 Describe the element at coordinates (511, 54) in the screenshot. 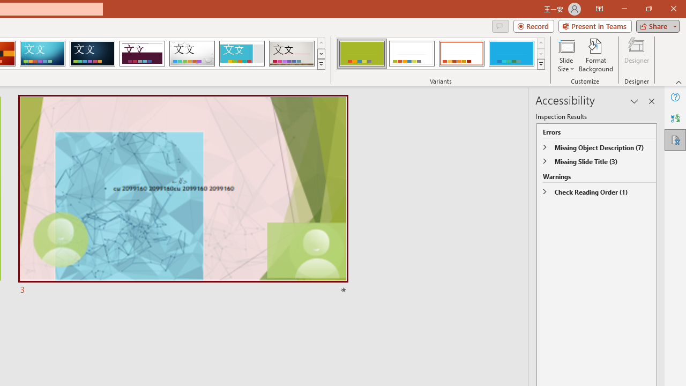

I see `'Basis Variant 4'` at that location.